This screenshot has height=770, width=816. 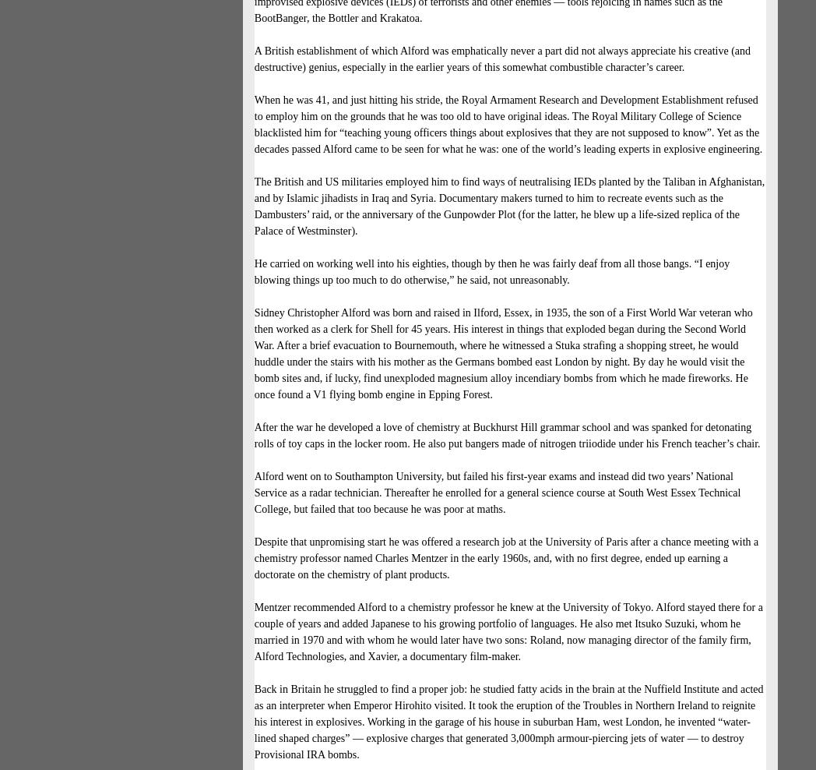 I want to click on 'When he was 41, and just hitting his stride,
the Royal Armament Research and Development Establishment refused to employ him on the grounds that he was too old to have original ideas. The Royal Military College of Science blacklisted him for
“teaching young officers things about explosives that they are not supposed to know”. Yet as the decades passed Alford came to be seen for what he was: one of the world’s leading experts in explosive
engineering.', so click(x=507, y=123).